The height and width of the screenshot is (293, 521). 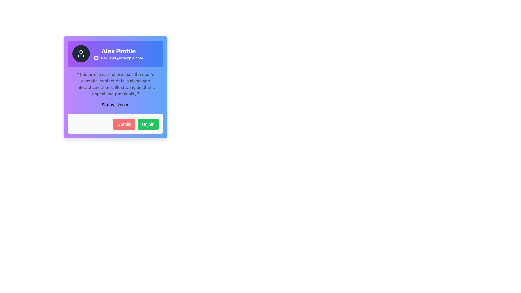 I want to click on the red button labeled 'Details', which is the first button from the left in a panel with a gradient background, so click(x=124, y=124).